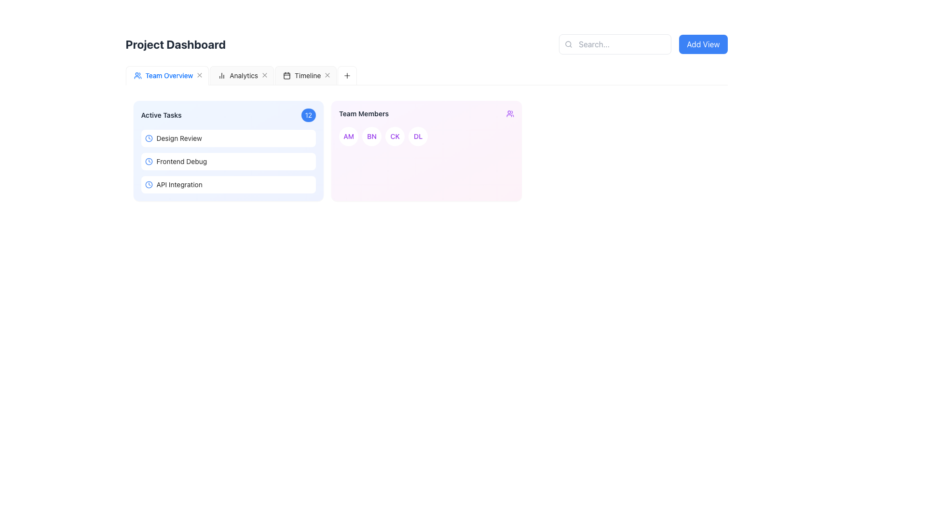 The height and width of the screenshot is (521, 926). Describe the element at coordinates (286, 75) in the screenshot. I see `the calendar icon in the navigation bar, which is located to the left of the 'Timeline' label and between the 'Analytics' and 'Add' tabs` at that location.